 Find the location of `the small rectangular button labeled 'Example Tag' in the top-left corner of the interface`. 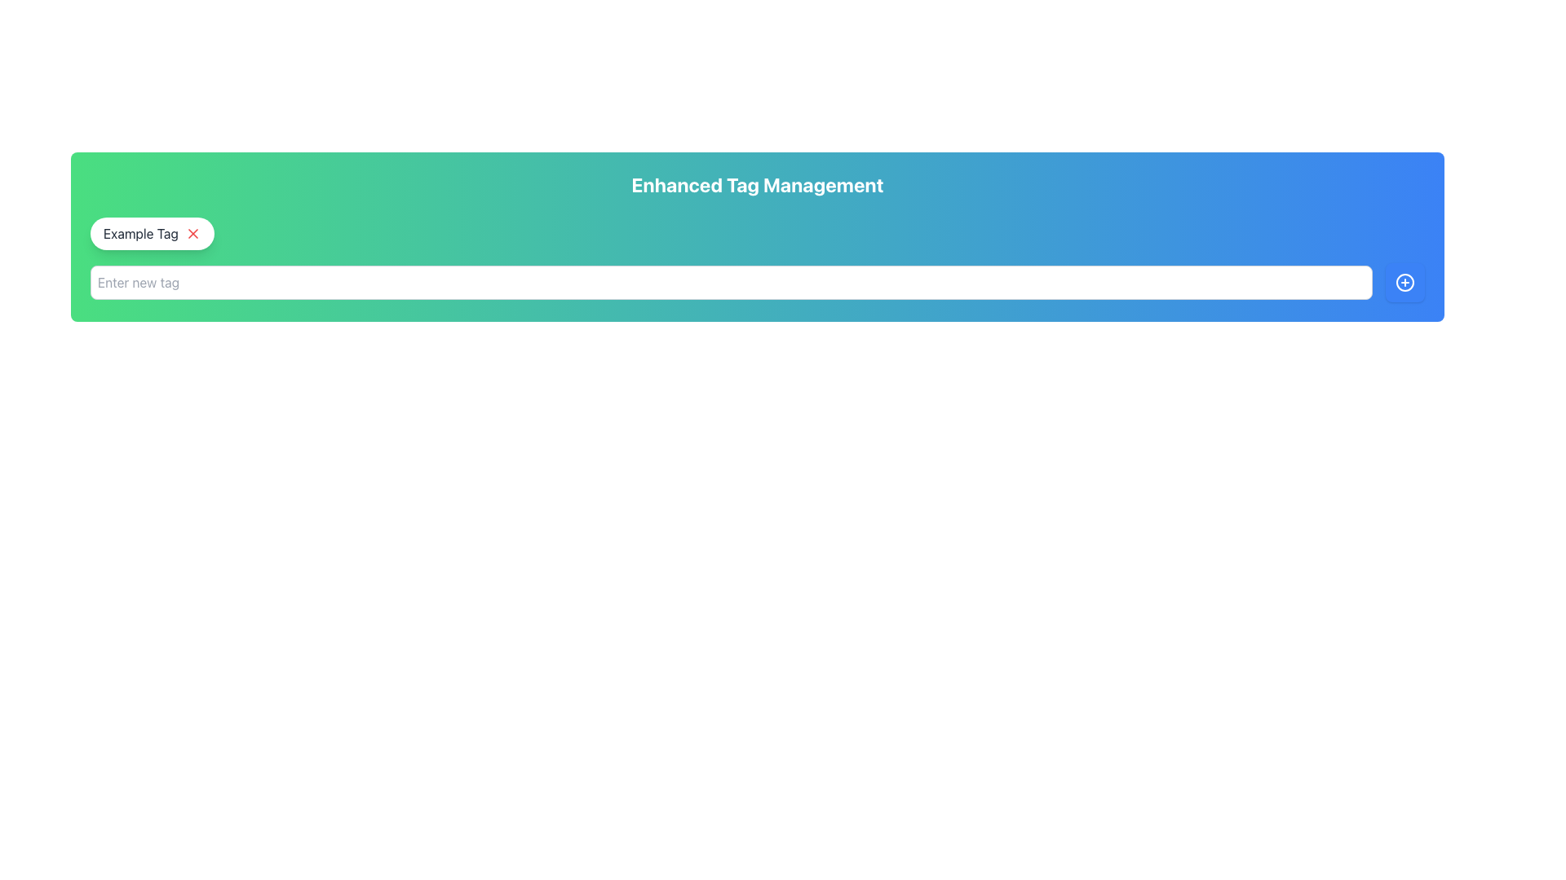

the small rectangular button labeled 'Example Tag' in the top-left corner of the interface is located at coordinates (152, 233).